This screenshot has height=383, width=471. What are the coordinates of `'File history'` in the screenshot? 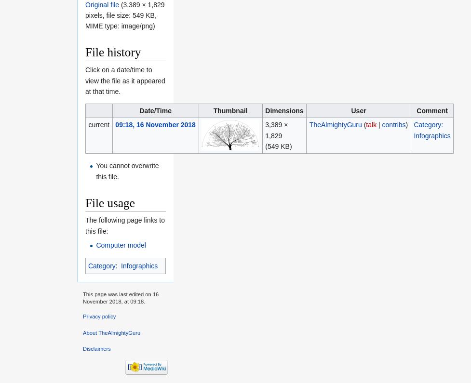 It's located at (112, 52).